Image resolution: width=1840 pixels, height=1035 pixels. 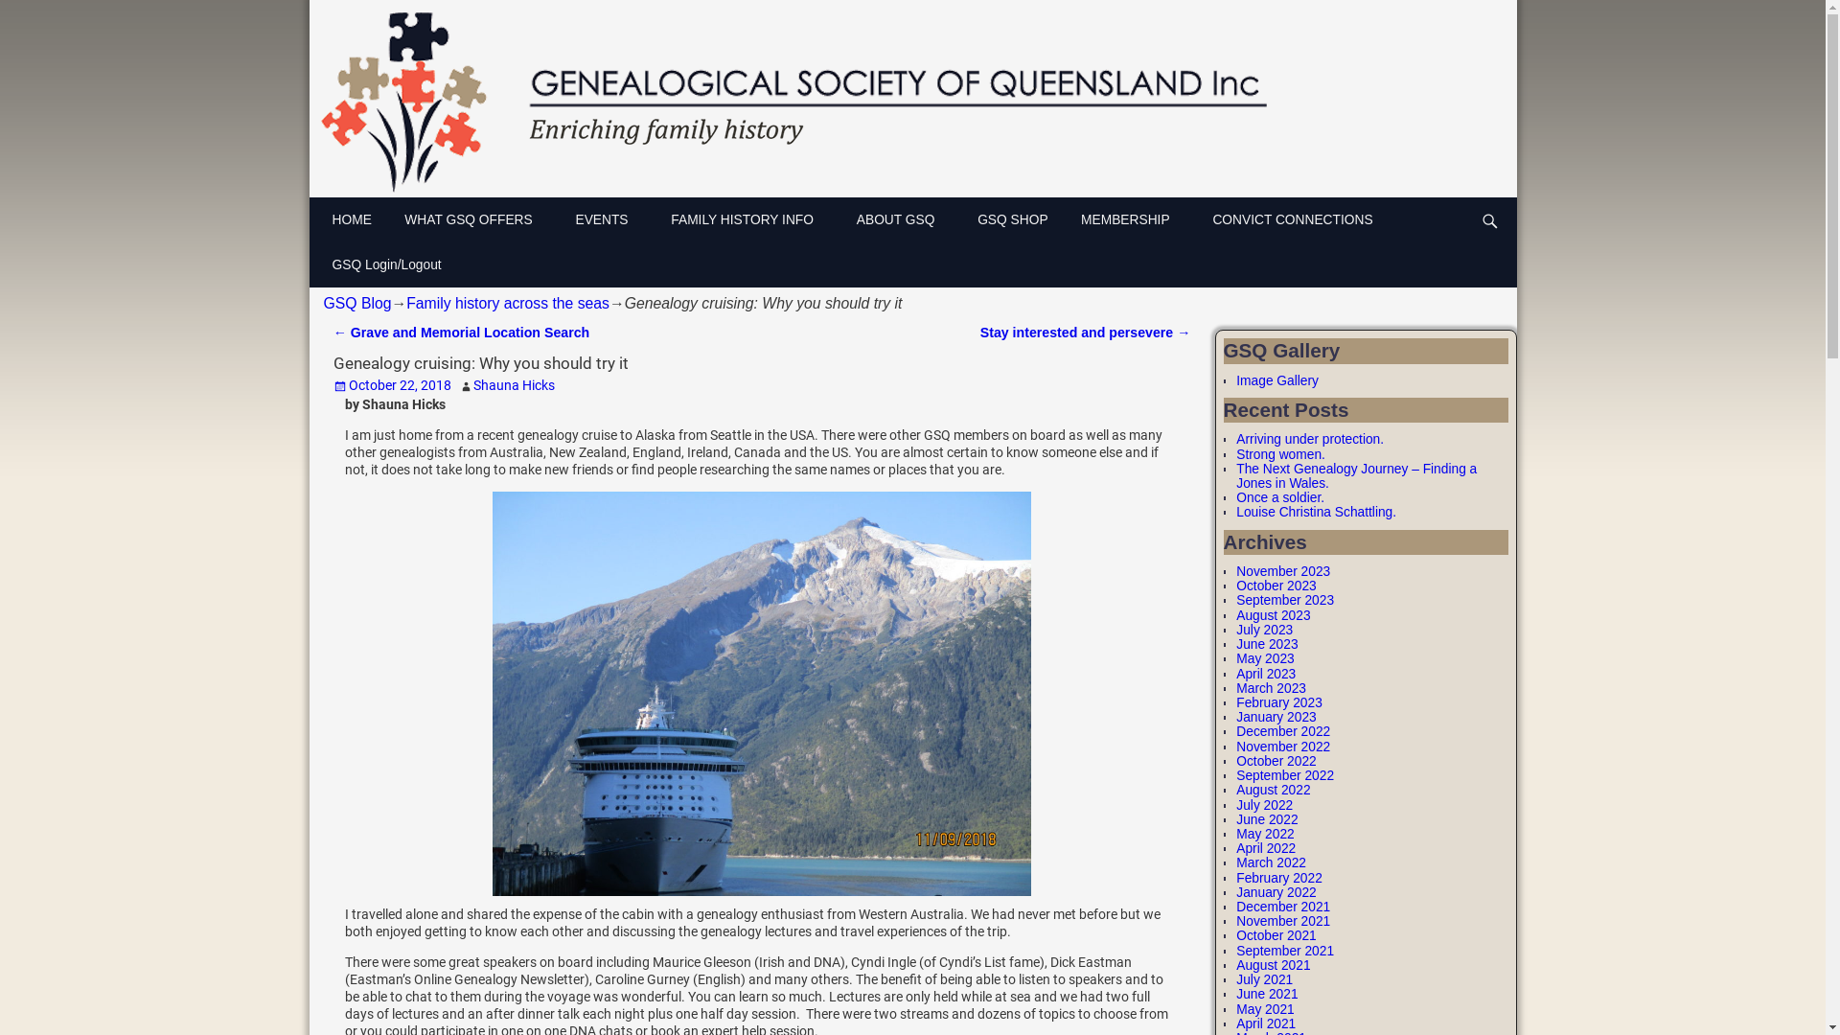 What do you see at coordinates (1283, 731) in the screenshot?
I see `'December 2022'` at bounding box center [1283, 731].